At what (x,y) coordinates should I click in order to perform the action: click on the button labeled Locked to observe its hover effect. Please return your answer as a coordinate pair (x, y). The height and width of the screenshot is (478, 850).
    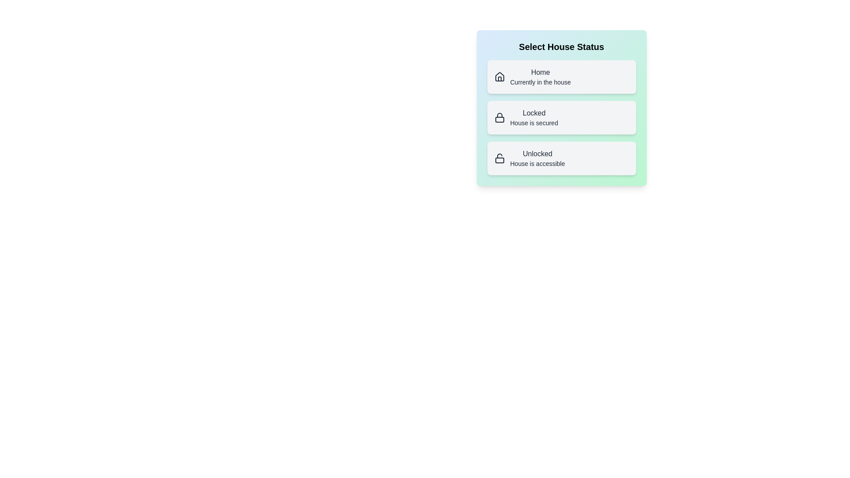
    Looking at the image, I should click on (561, 117).